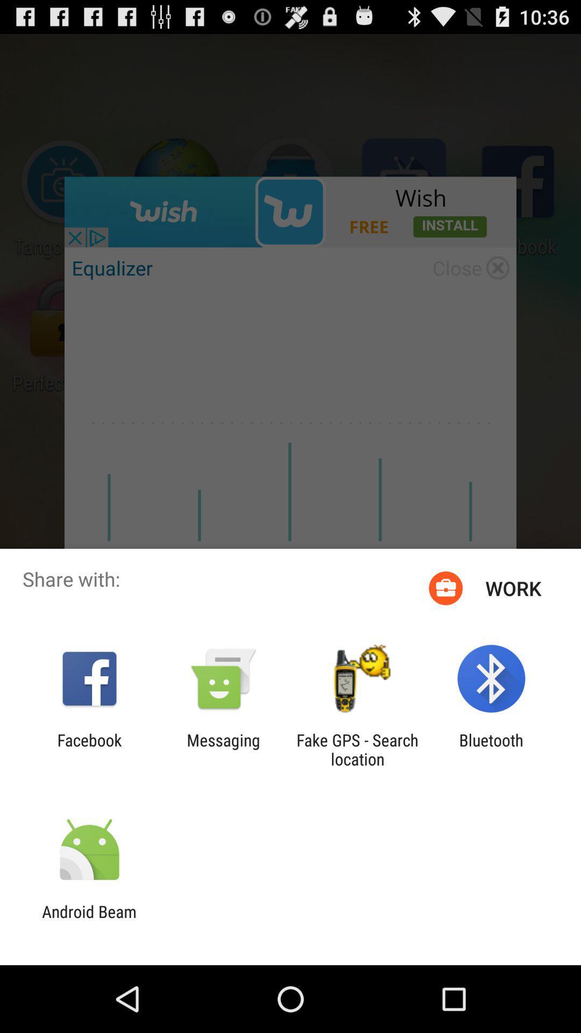 The image size is (581, 1033). What do you see at coordinates (491, 749) in the screenshot?
I see `bluetooth` at bounding box center [491, 749].